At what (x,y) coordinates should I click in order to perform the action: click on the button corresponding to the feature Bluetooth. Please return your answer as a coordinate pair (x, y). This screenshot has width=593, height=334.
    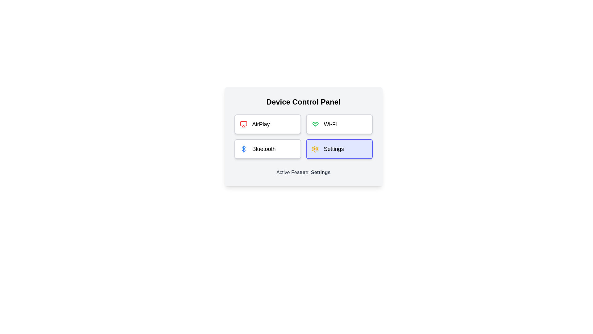
    Looking at the image, I should click on (267, 149).